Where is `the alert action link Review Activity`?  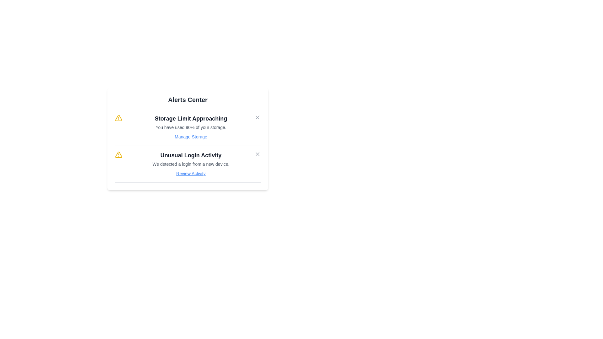 the alert action link Review Activity is located at coordinates (191, 173).